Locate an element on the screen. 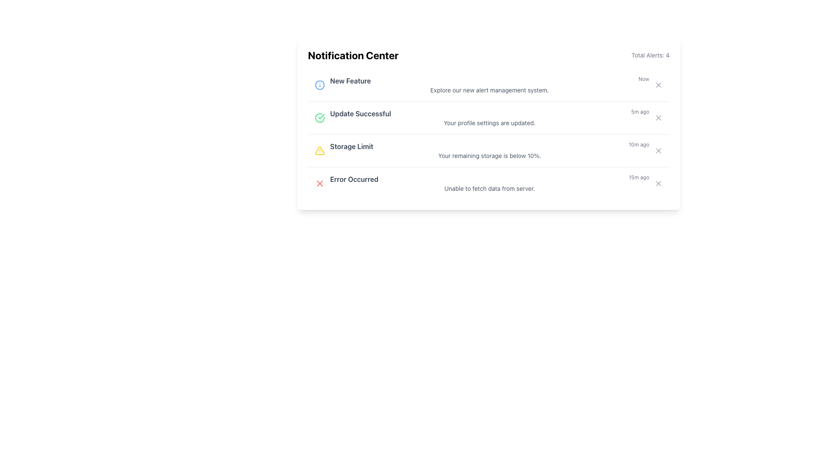 The image size is (819, 460). the text element displaying '10m ago', which is styled in a small gray font and is positioned at the far-right end of the 'Storage Limit' notification entry is located at coordinates (639, 146).